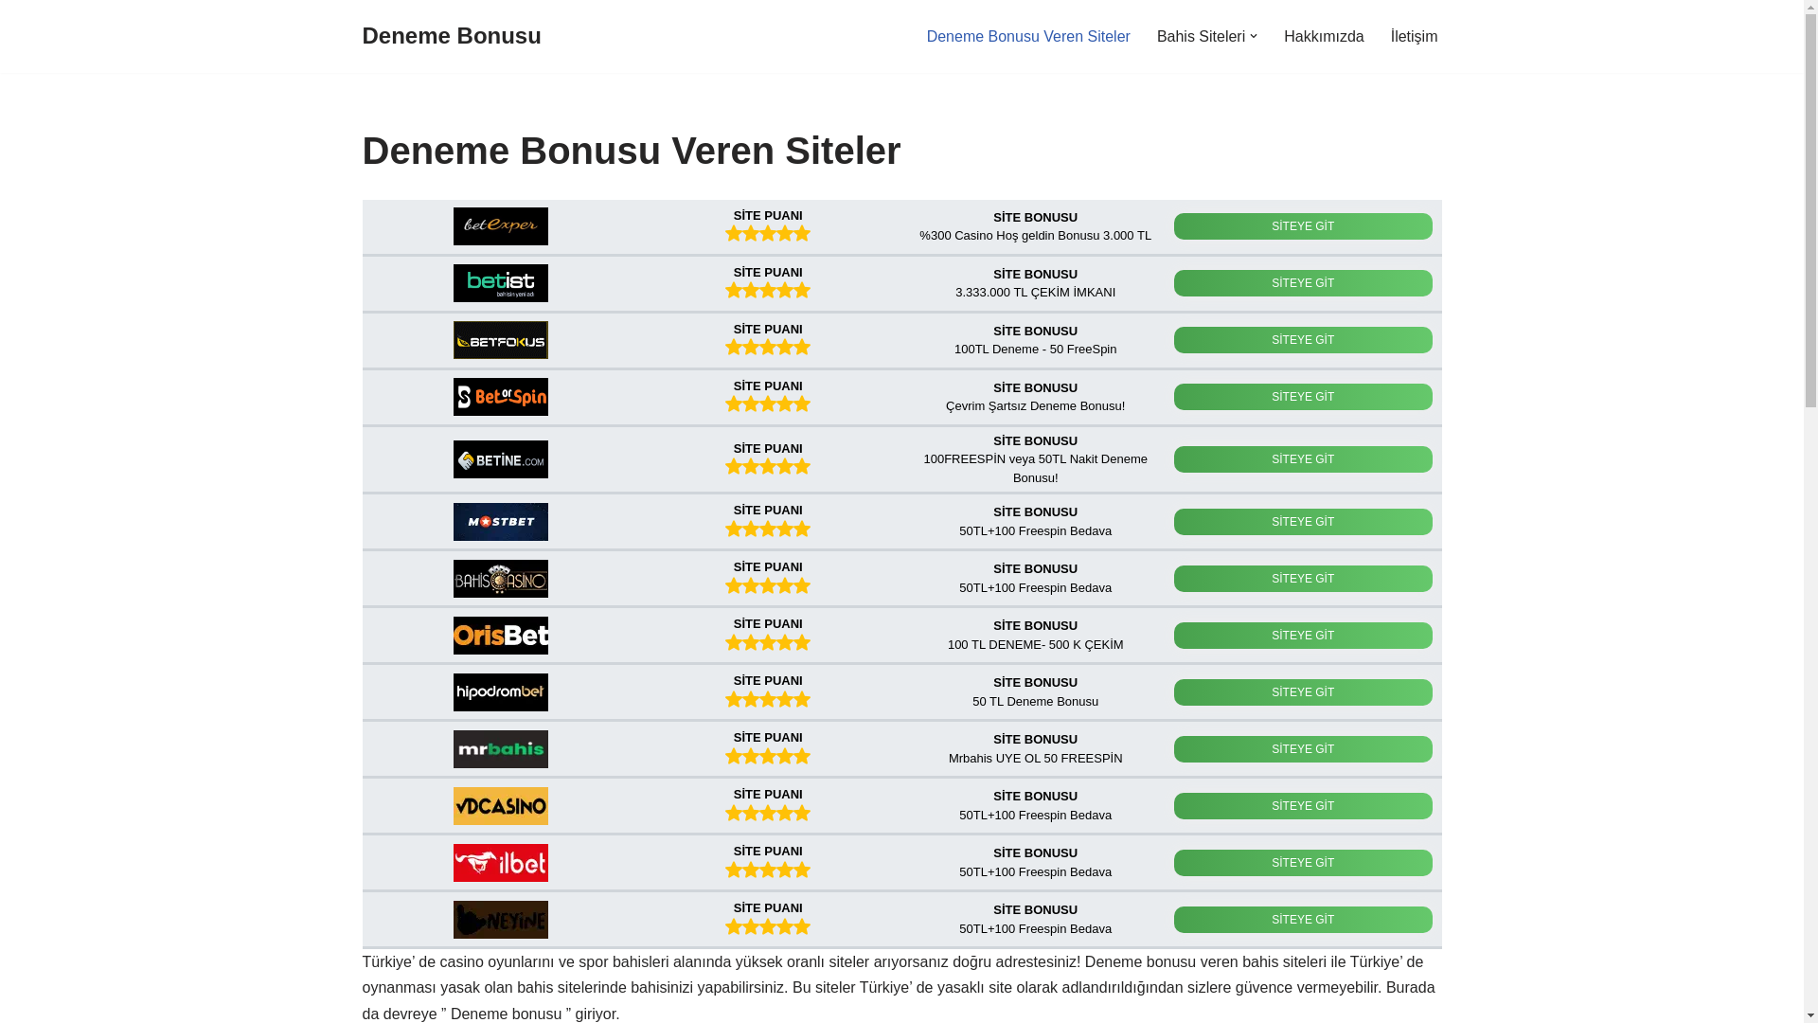 The width and height of the screenshot is (1818, 1023). I want to click on 'Deneme Bonusu', so click(450, 36).